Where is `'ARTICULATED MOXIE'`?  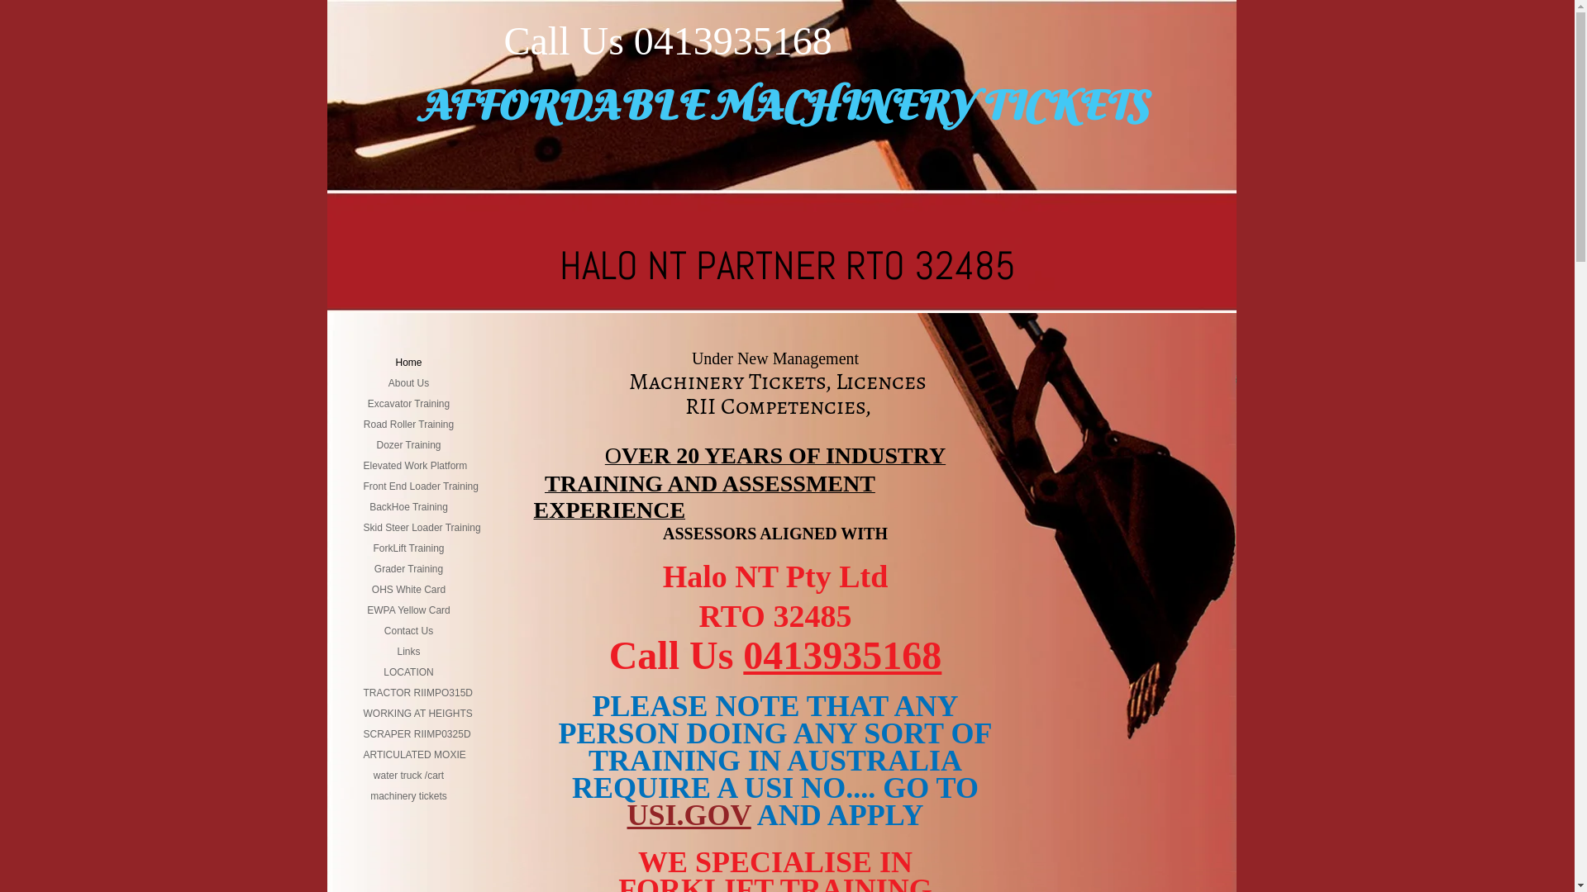 'ARTICULATED MOXIE' is located at coordinates (355, 755).